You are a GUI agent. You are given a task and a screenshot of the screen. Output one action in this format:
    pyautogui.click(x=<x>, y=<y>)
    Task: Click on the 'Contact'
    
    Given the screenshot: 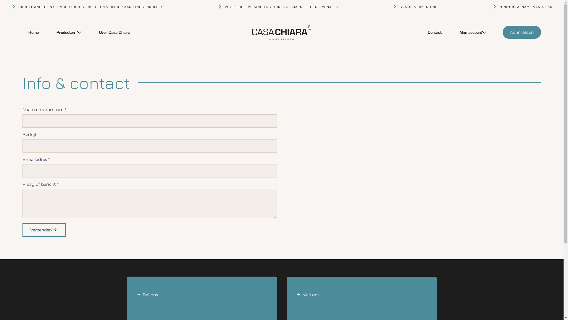 What is the action you would take?
    pyautogui.click(x=421, y=32)
    